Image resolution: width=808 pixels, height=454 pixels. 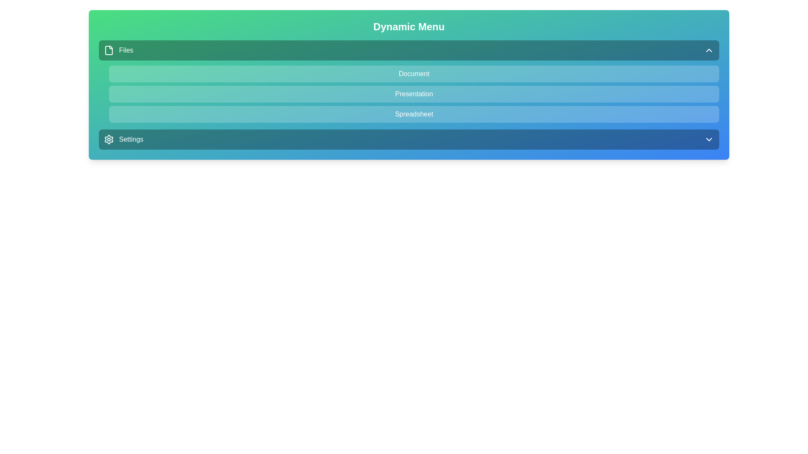 What do you see at coordinates (131, 139) in the screenshot?
I see `the Text label that provides a title for the associated functionality, located next to a gear icon for settings` at bounding box center [131, 139].